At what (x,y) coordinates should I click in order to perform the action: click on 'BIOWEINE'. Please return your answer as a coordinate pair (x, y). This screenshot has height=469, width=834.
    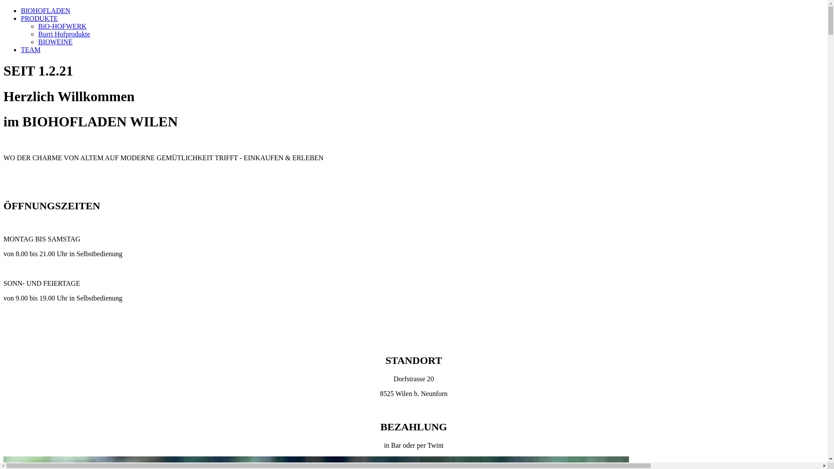
    Looking at the image, I should click on (55, 42).